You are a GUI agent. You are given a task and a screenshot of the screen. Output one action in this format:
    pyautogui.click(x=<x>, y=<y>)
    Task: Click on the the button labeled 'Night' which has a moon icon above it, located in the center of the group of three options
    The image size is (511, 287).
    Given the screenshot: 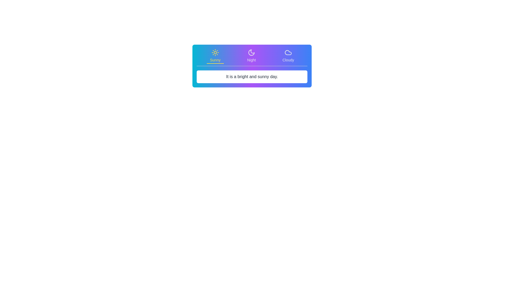 What is the action you would take?
    pyautogui.click(x=251, y=56)
    